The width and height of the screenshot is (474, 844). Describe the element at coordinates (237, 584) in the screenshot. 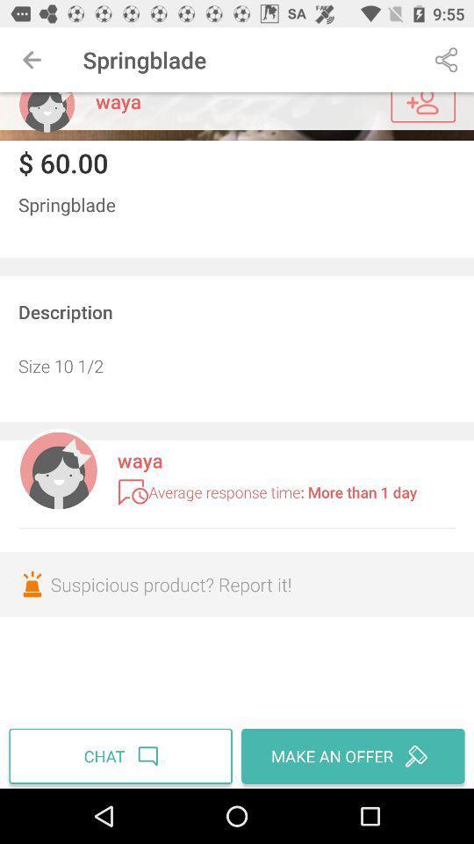

I see `the suspicious product report icon` at that location.